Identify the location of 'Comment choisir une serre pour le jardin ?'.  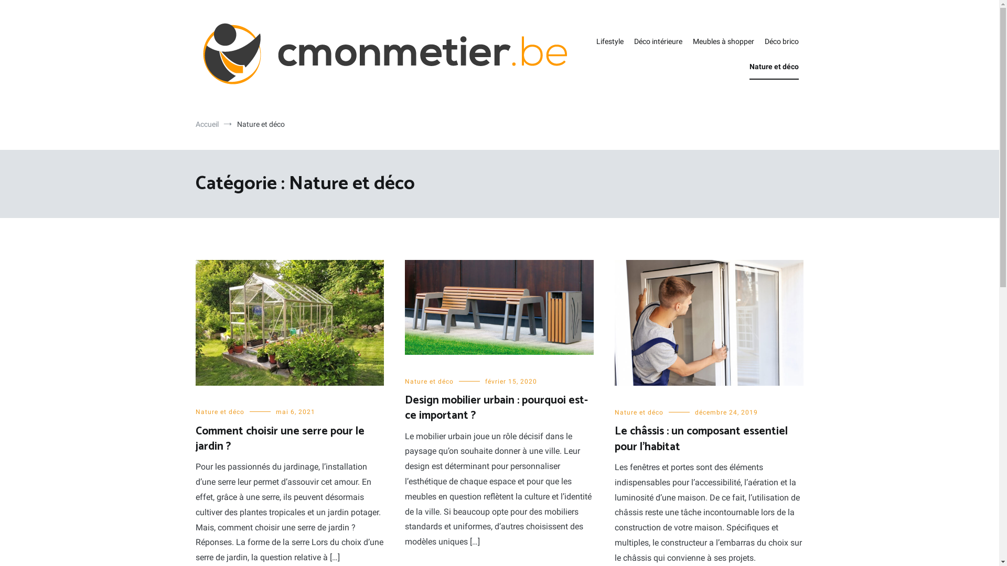
(279, 439).